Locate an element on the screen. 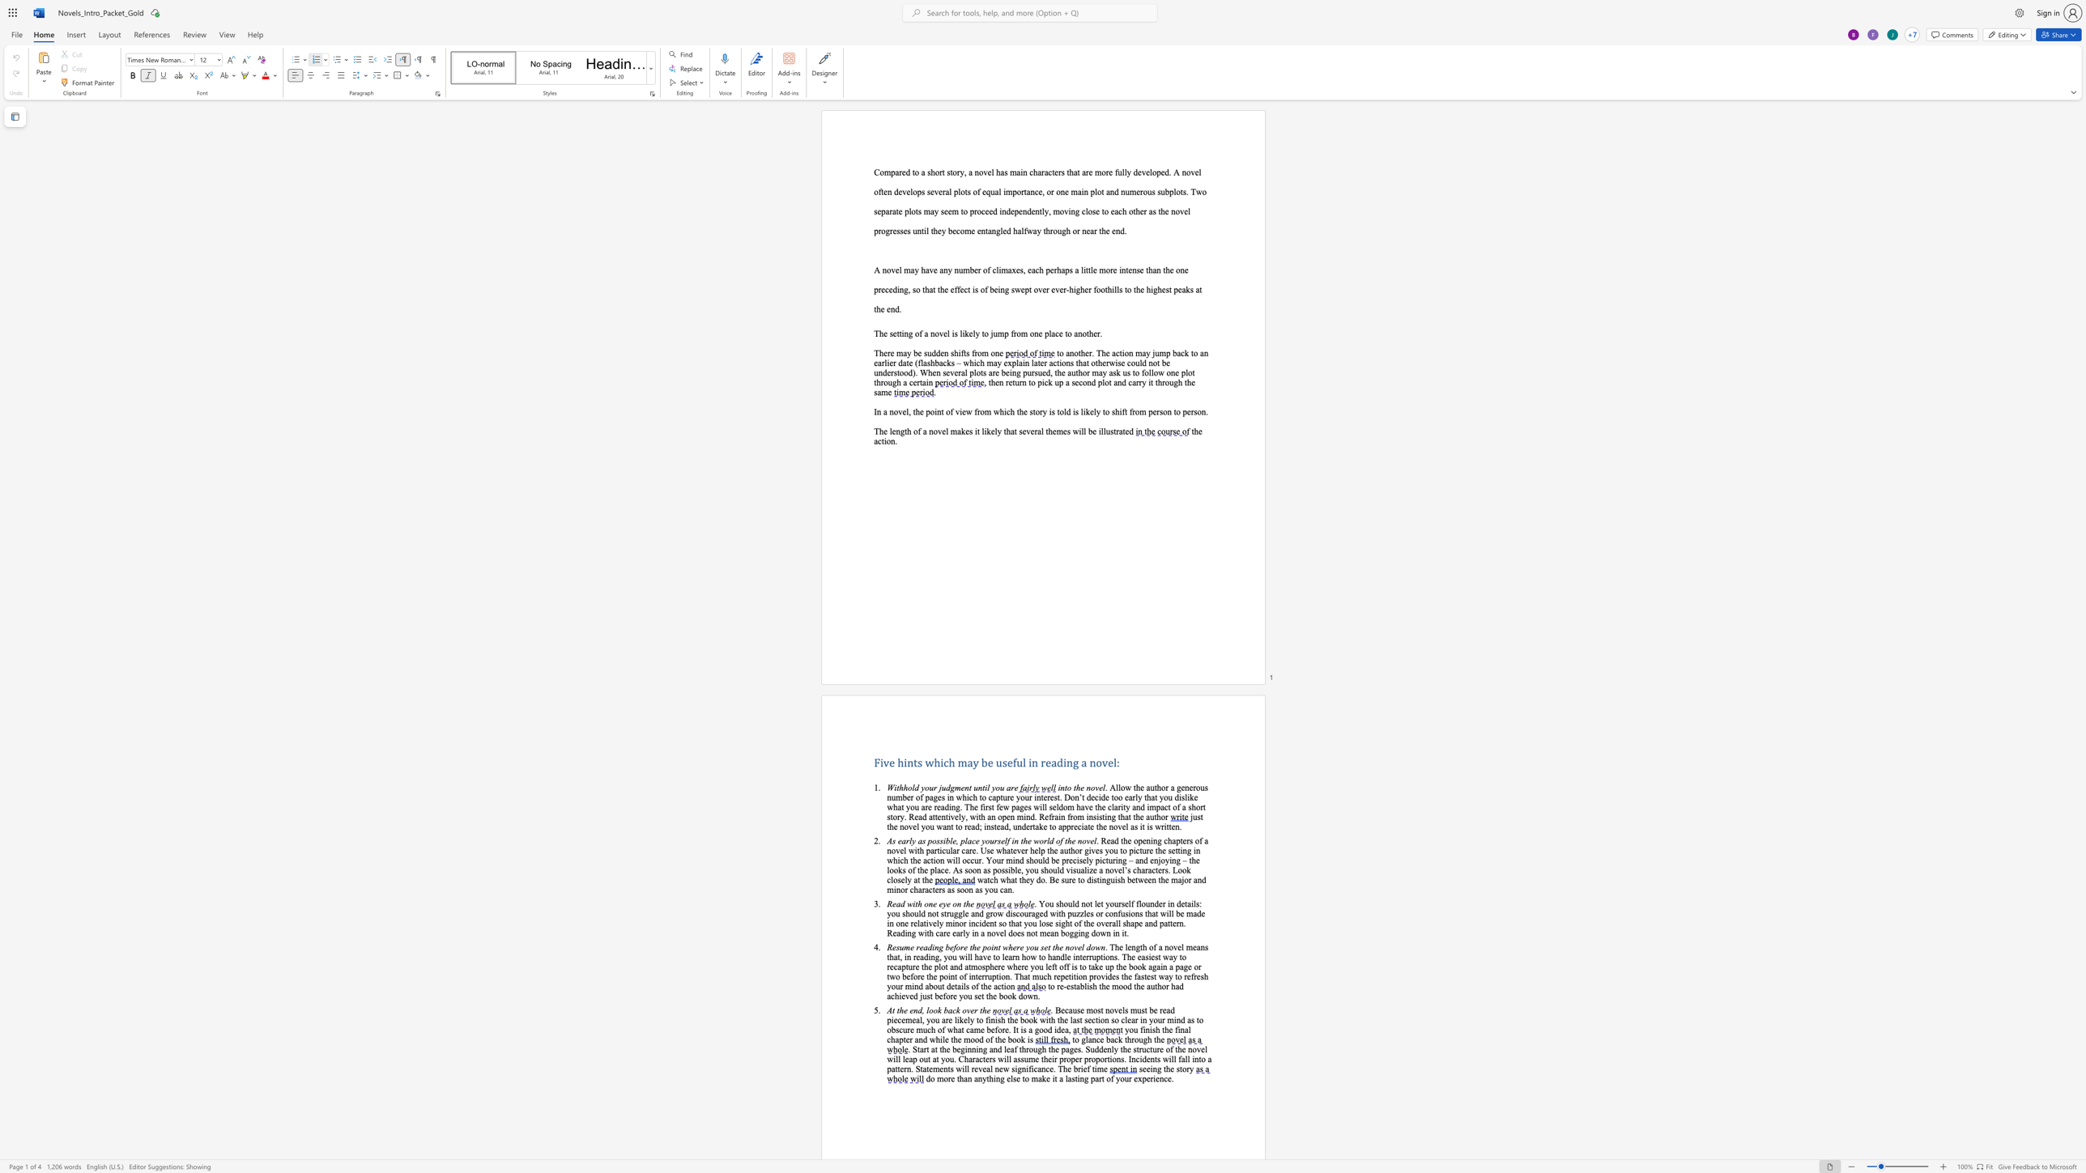  the space between the continuous character "u" and "s" in the text is located at coordinates (1001, 762).